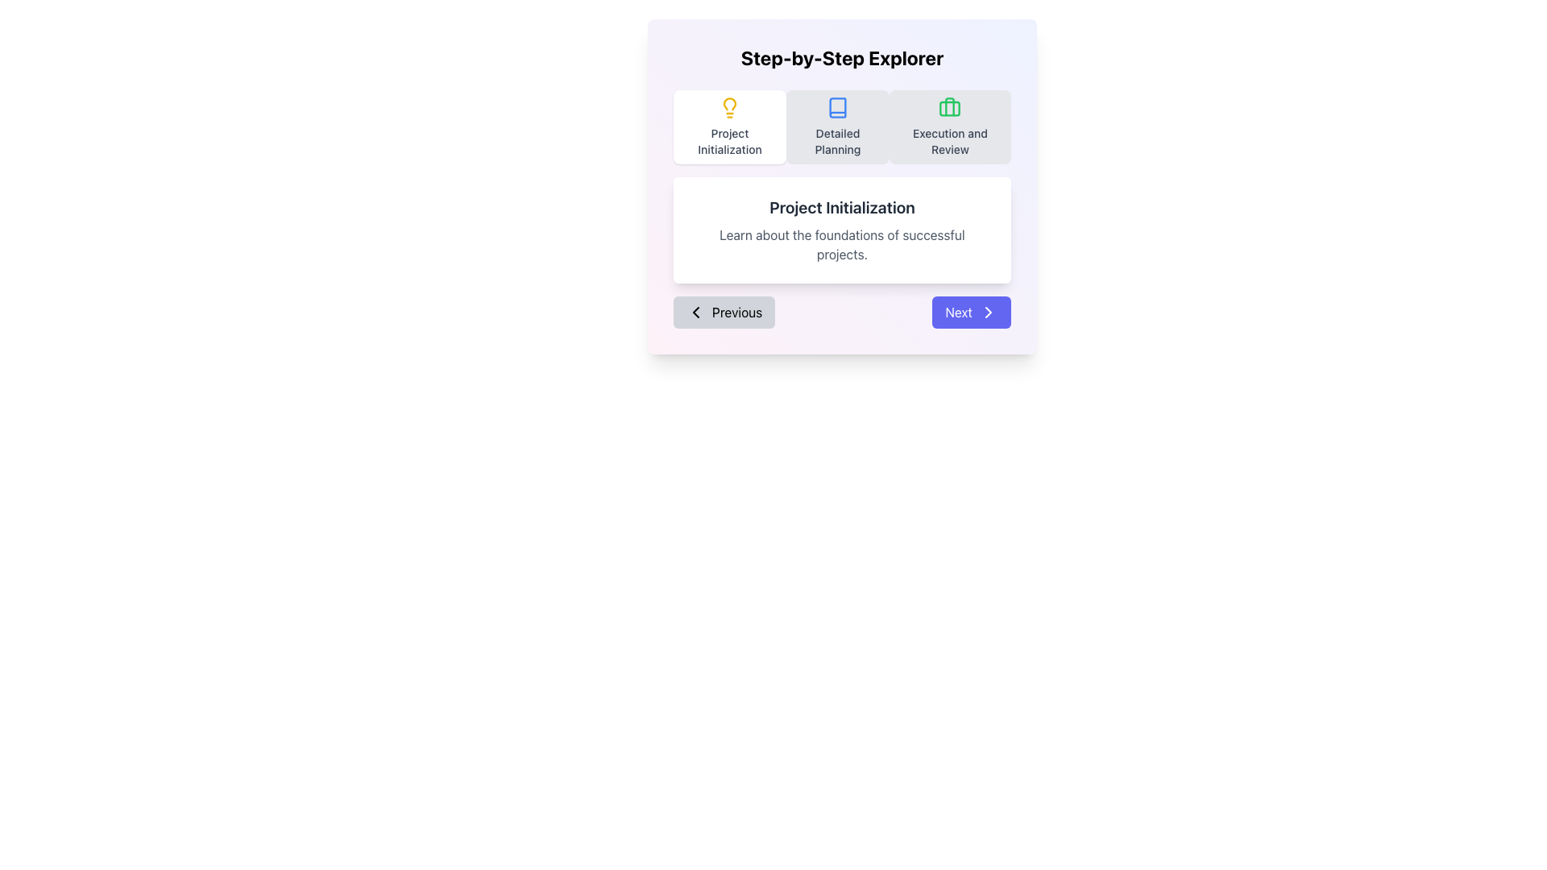 The image size is (1547, 870). Describe the element at coordinates (841, 245) in the screenshot. I see `the static text element that provides additional information about the 'Project Initialization' section, located directly below the header text 'Project Initialization'` at that location.